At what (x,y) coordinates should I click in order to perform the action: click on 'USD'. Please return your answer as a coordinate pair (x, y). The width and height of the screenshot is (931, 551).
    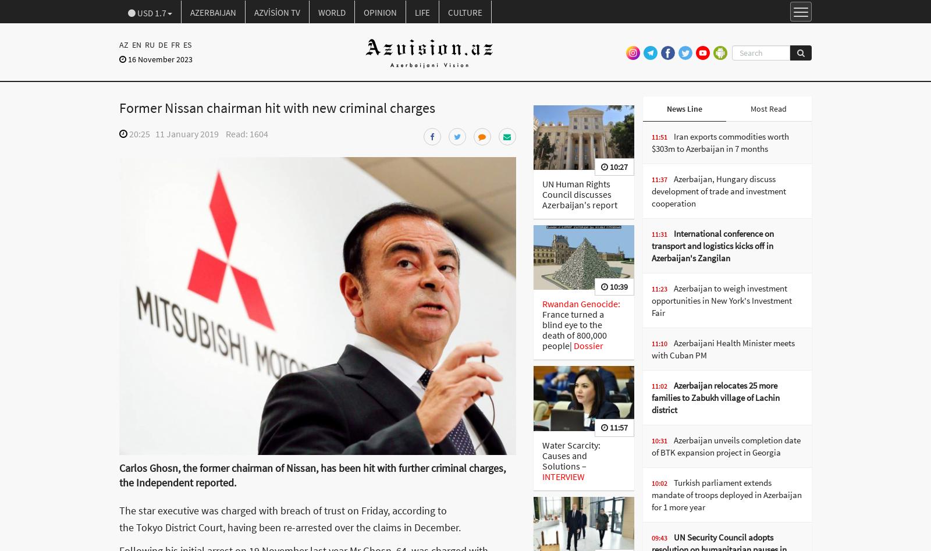
    Looking at the image, I should click on (145, 13).